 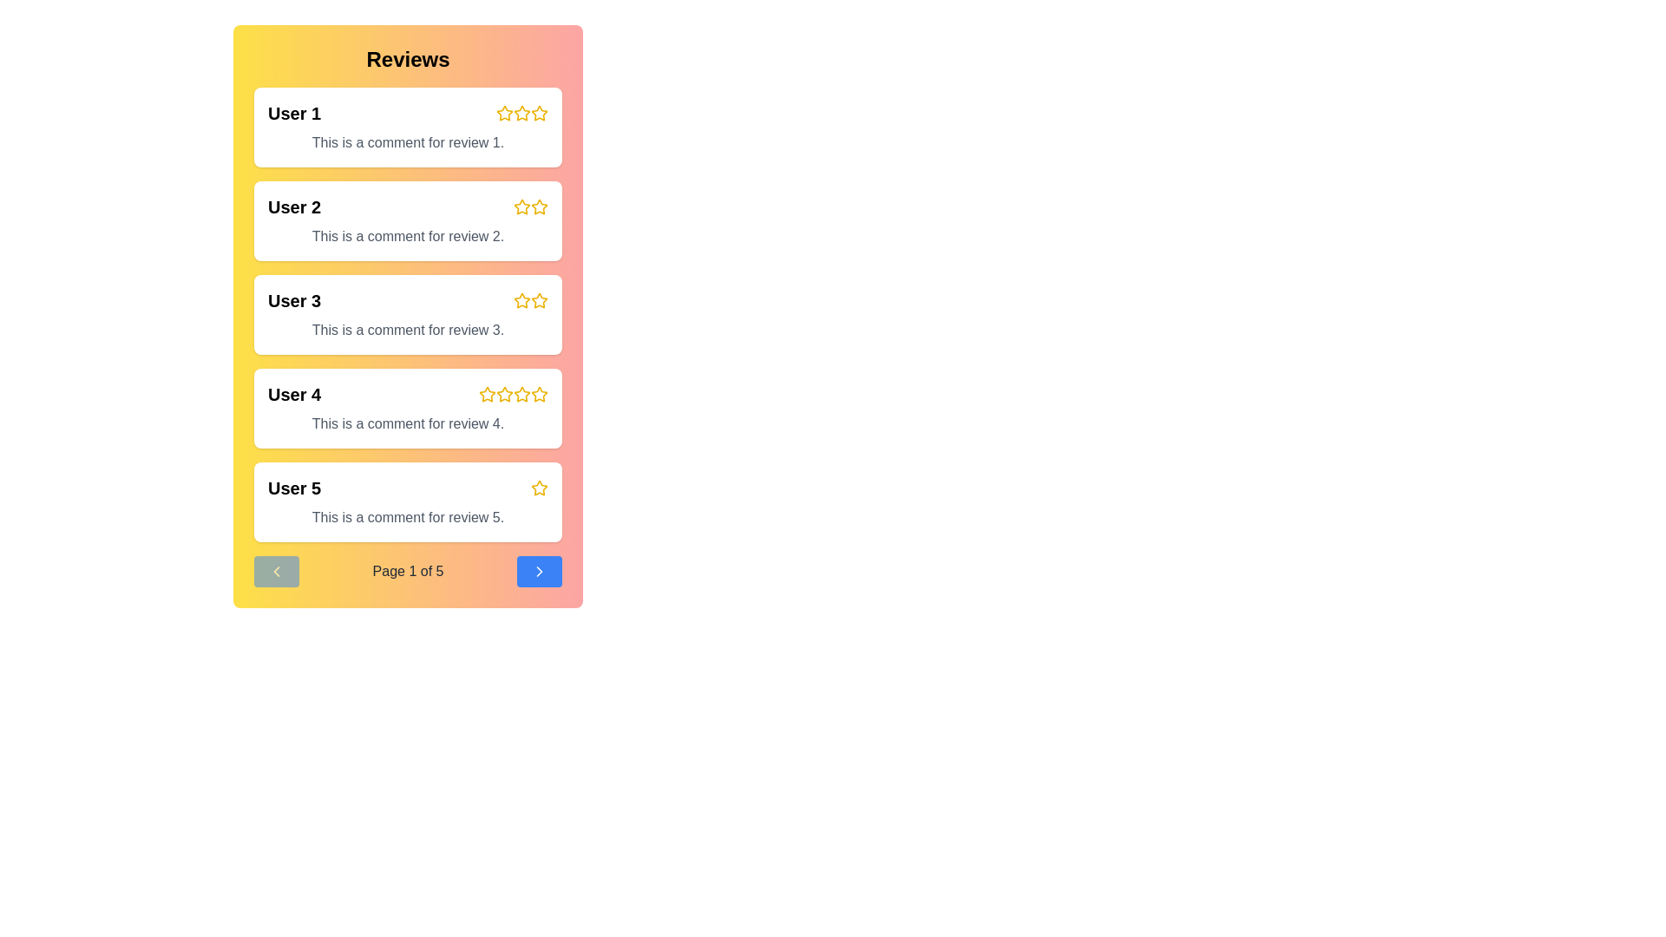 What do you see at coordinates (539, 299) in the screenshot?
I see `the third star icon in the review section for 'User 3's review, which serves as a visual indicator in a rating system` at bounding box center [539, 299].